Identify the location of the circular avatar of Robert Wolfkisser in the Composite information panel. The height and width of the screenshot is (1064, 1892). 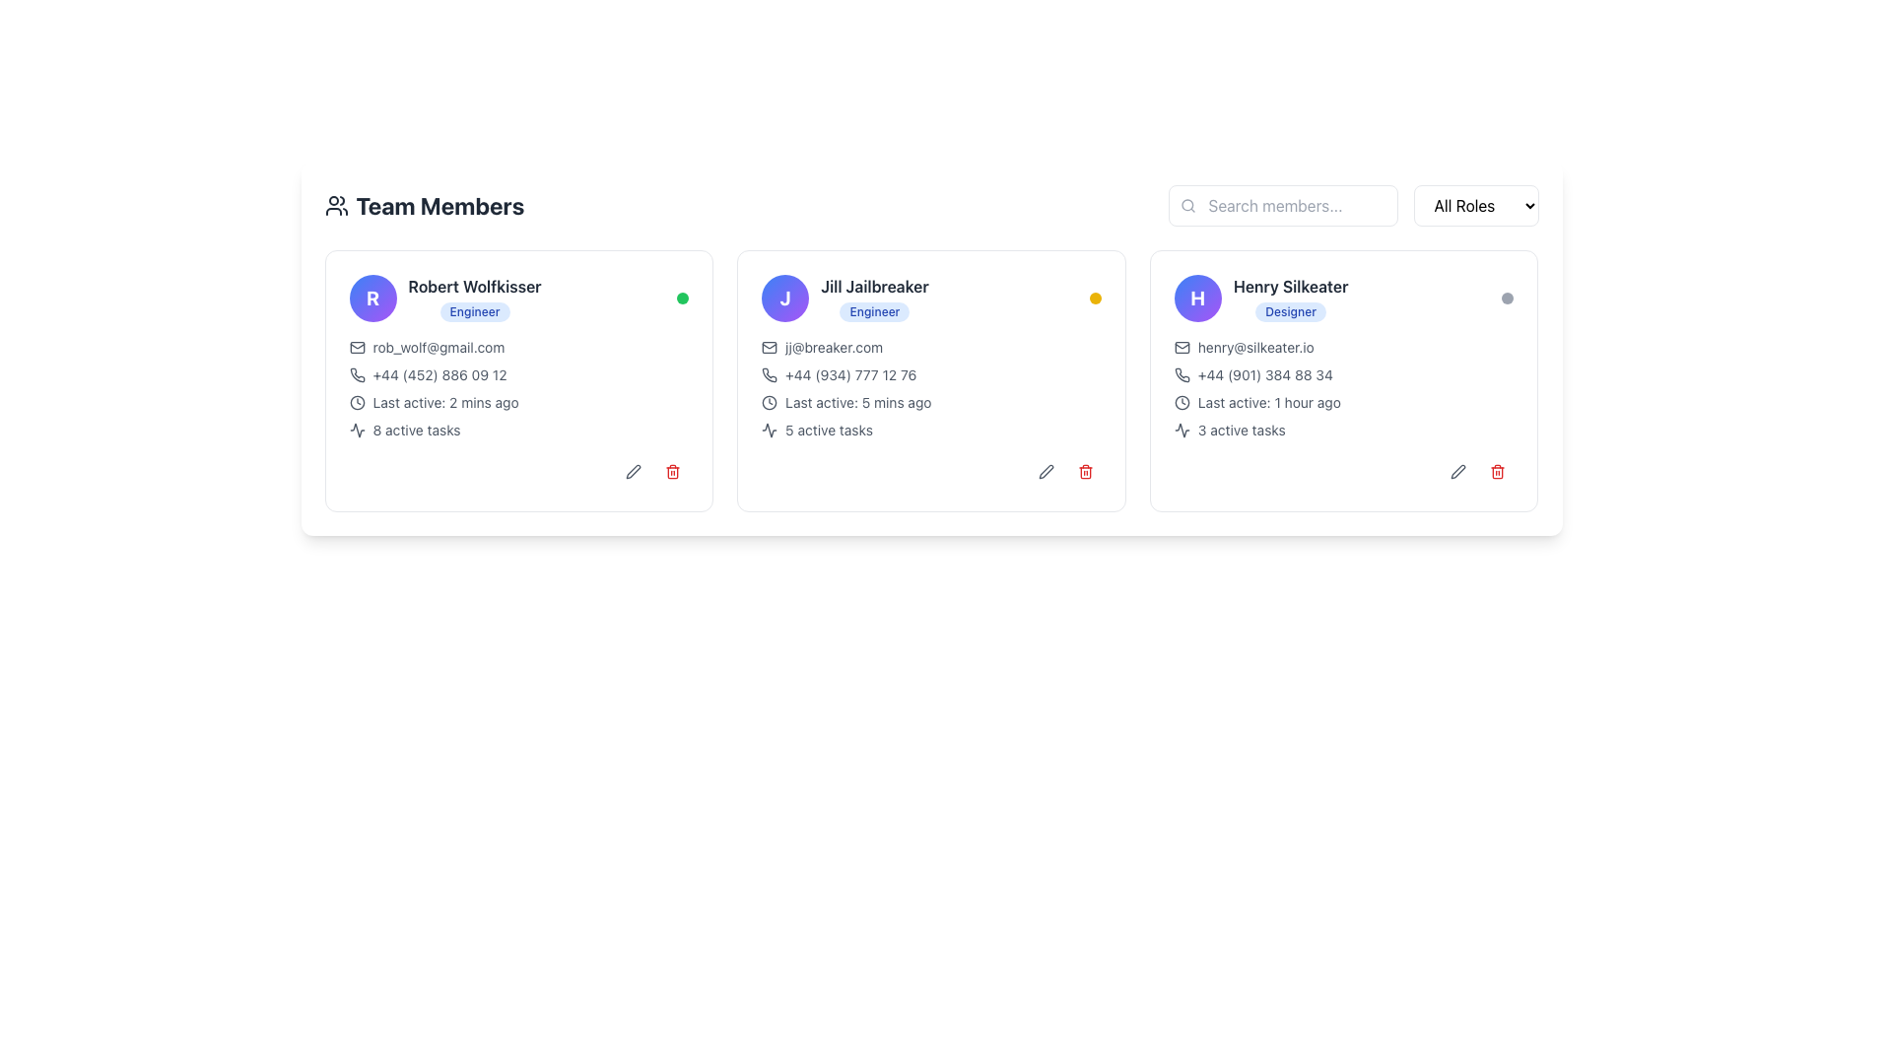
(518, 299).